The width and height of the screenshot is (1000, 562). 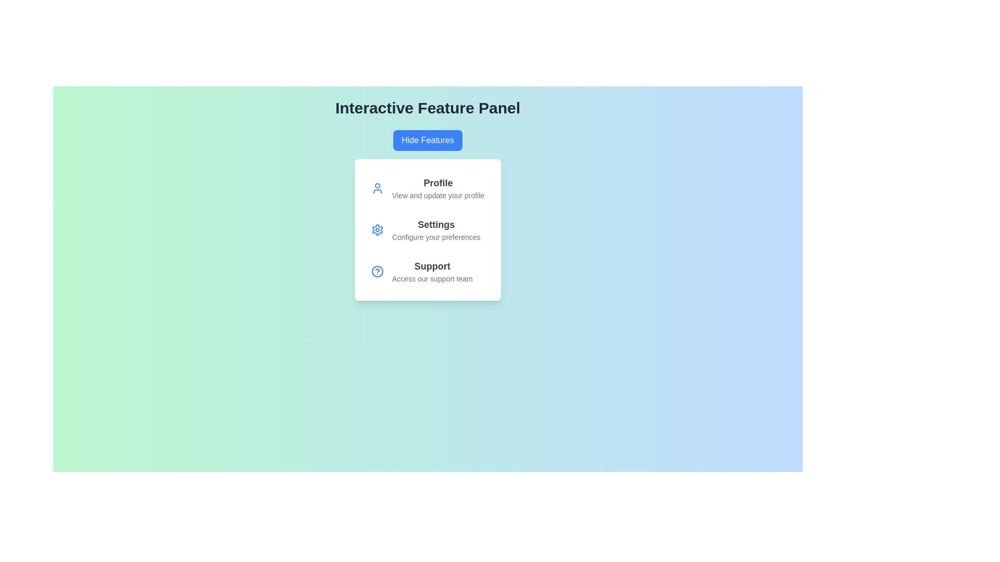 What do you see at coordinates (428, 140) in the screenshot?
I see `'Hide Features' button to toggle the visibility of the feature menu` at bounding box center [428, 140].